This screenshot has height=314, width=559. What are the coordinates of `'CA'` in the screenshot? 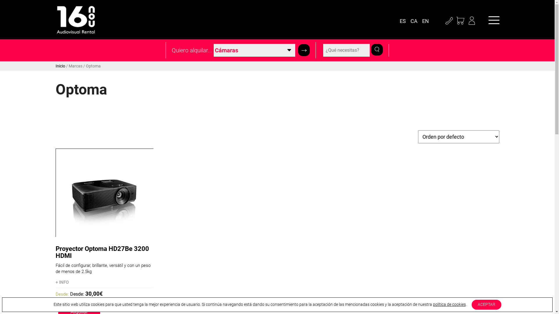 It's located at (415, 21).